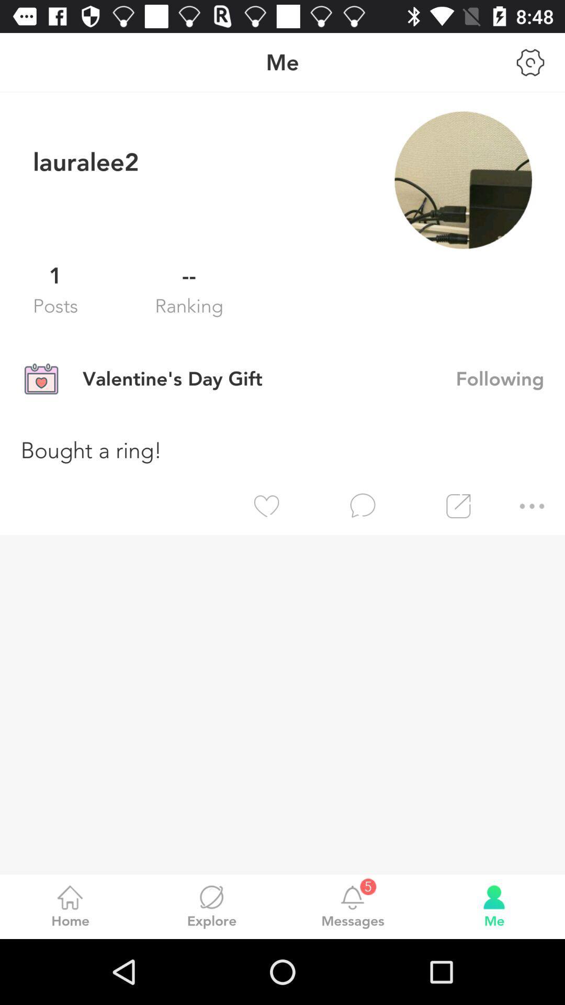 The image size is (565, 1005). What do you see at coordinates (530, 62) in the screenshot?
I see `item to the right of me icon` at bounding box center [530, 62].